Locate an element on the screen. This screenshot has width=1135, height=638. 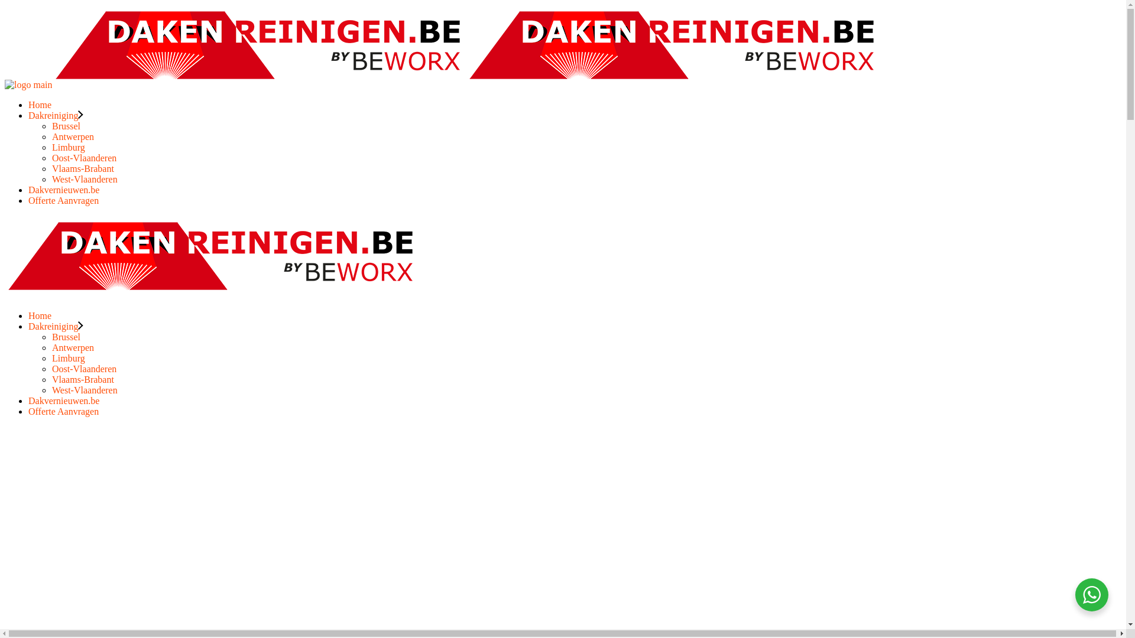
'Skip to the content' is located at coordinates (4, 4).